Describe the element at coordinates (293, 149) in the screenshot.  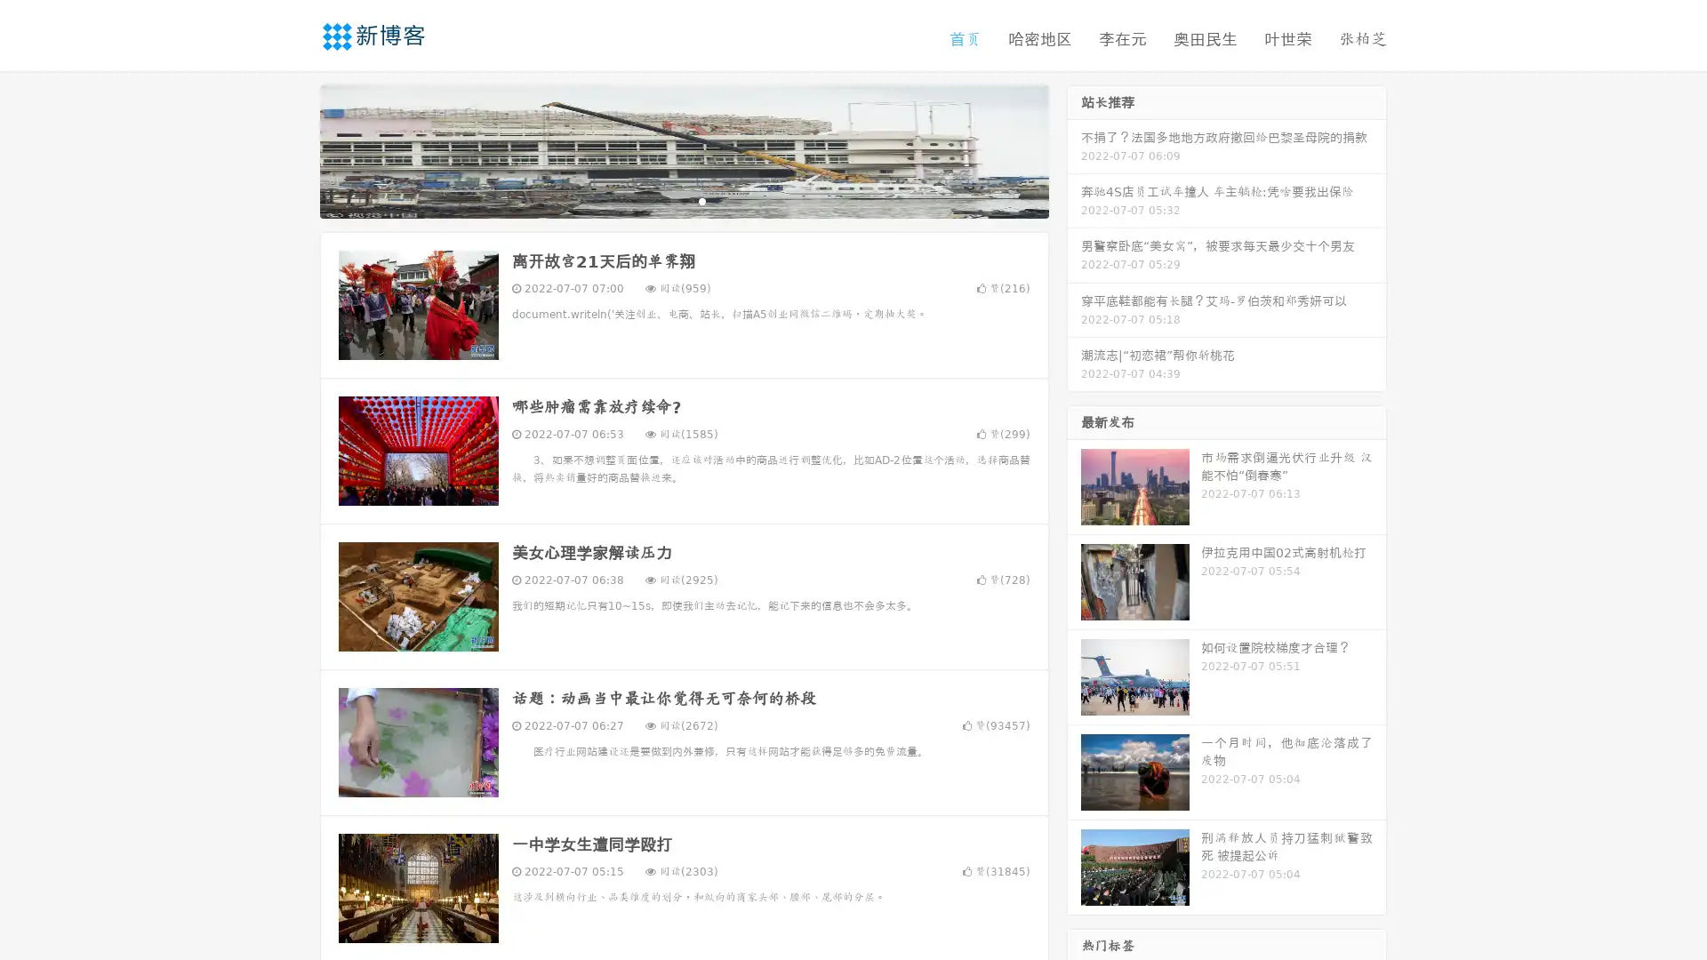
I see `Previous slide` at that location.